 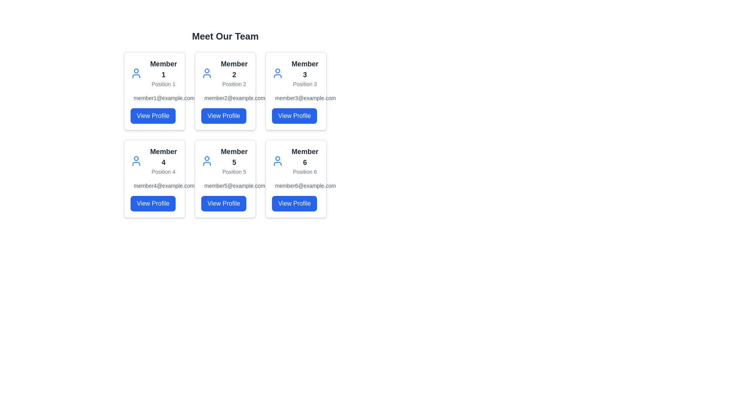 I want to click on displayed information on the user profile card, which is the second item in the grid layout, positioned in the top row, center column, between 'Member 1' and 'Member 3', so click(x=225, y=91).